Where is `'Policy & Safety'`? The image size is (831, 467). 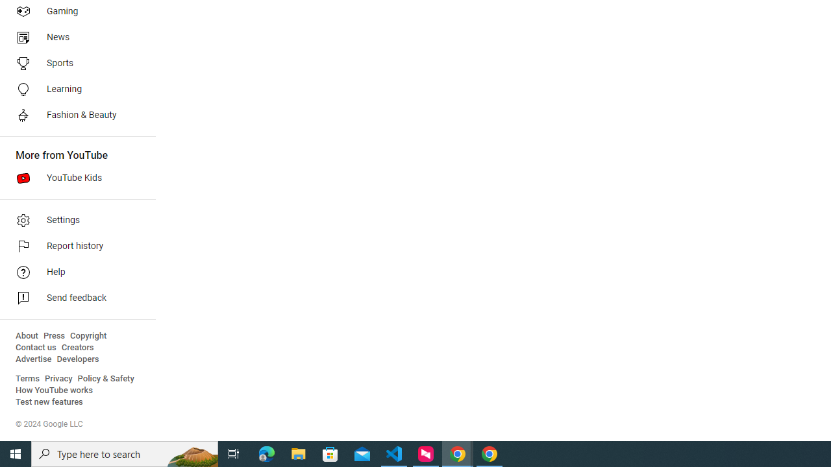 'Policy & Safety' is located at coordinates (106, 379).